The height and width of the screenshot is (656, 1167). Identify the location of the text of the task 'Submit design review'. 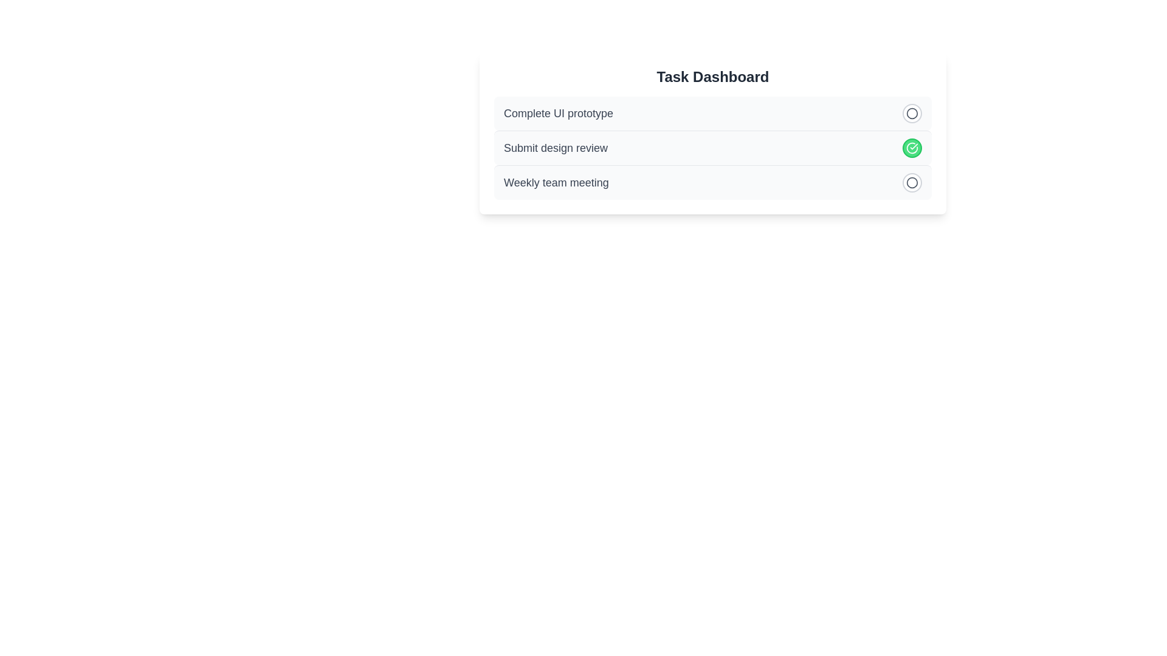
(554, 147).